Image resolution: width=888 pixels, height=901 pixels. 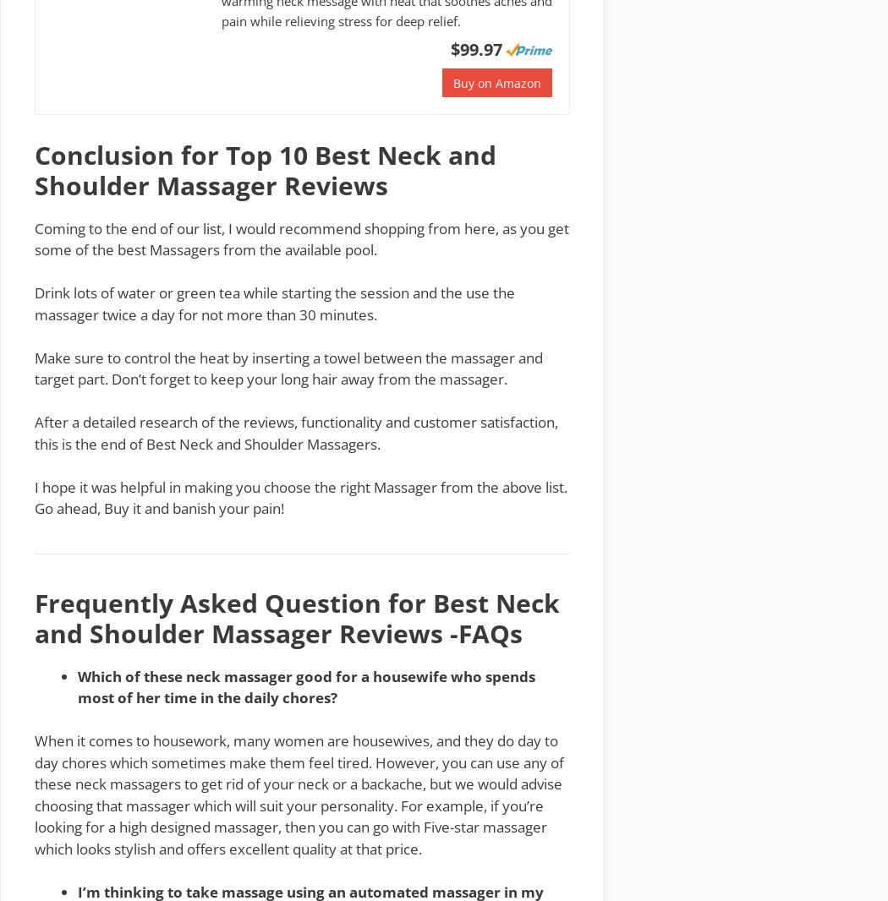 What do you see at coordinates (33, 432) in the screenshot?
I see `'After a detailed research of the reviews, functionality and customer satisfaction, this is the end of Best Neck and Shoulder Massagers.'` at bounding box center [33, 432].